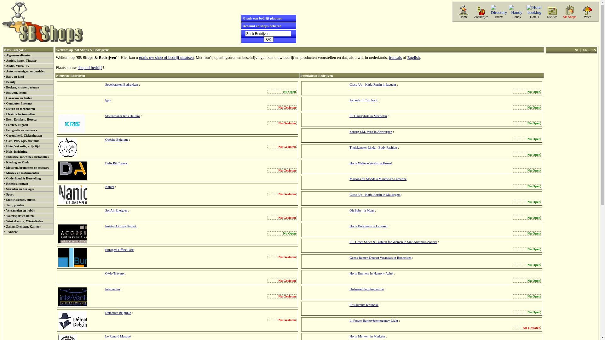 The height and width of the screenshot is (340, 605). I want to click on 'Hotels', so click(534, 16).